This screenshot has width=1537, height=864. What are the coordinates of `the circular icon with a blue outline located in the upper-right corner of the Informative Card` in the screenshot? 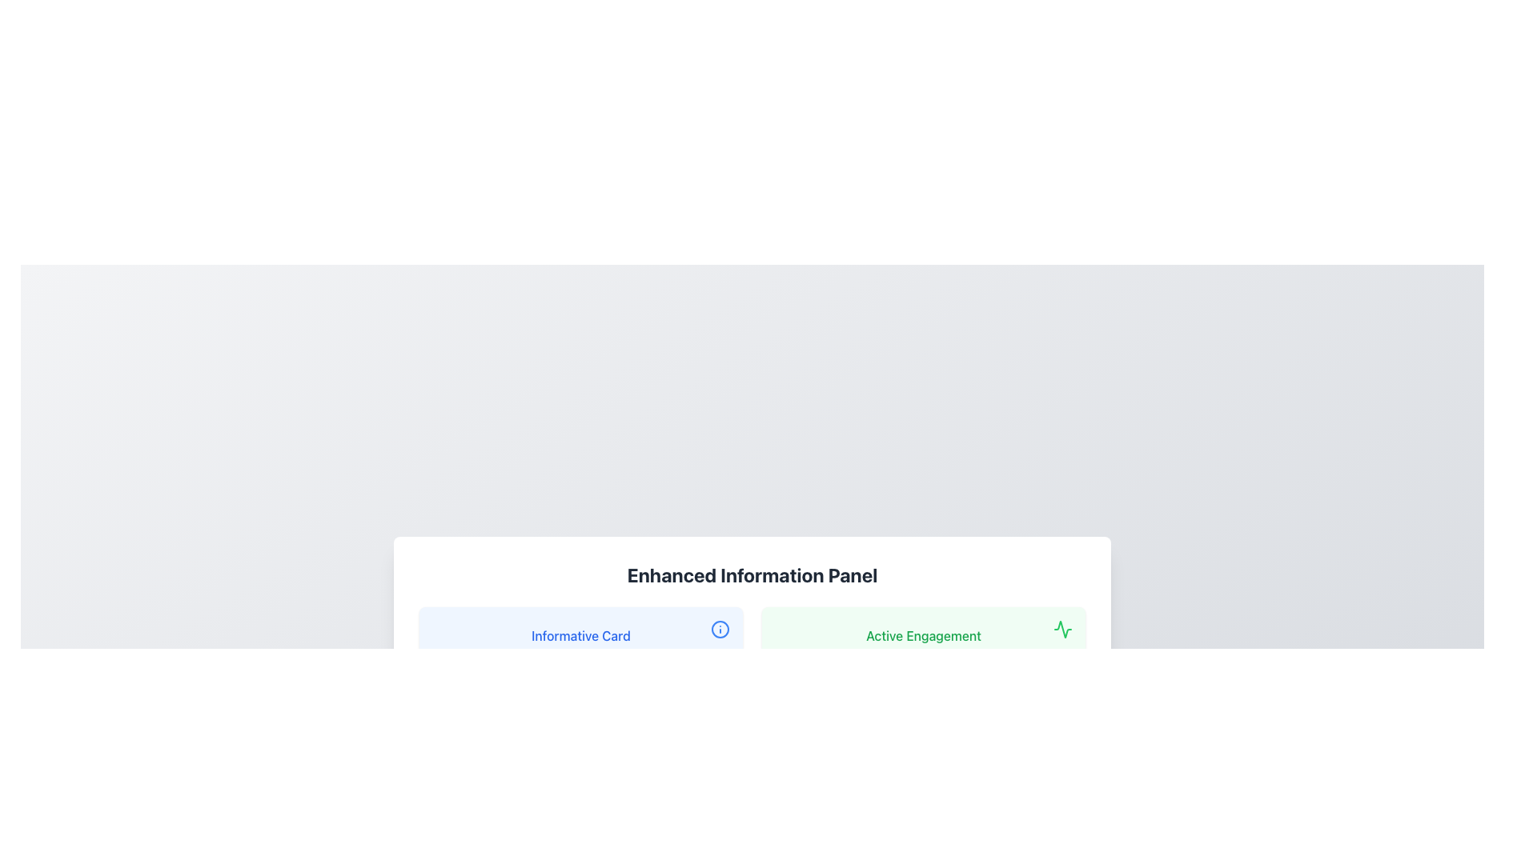 It's located at (720, 628).